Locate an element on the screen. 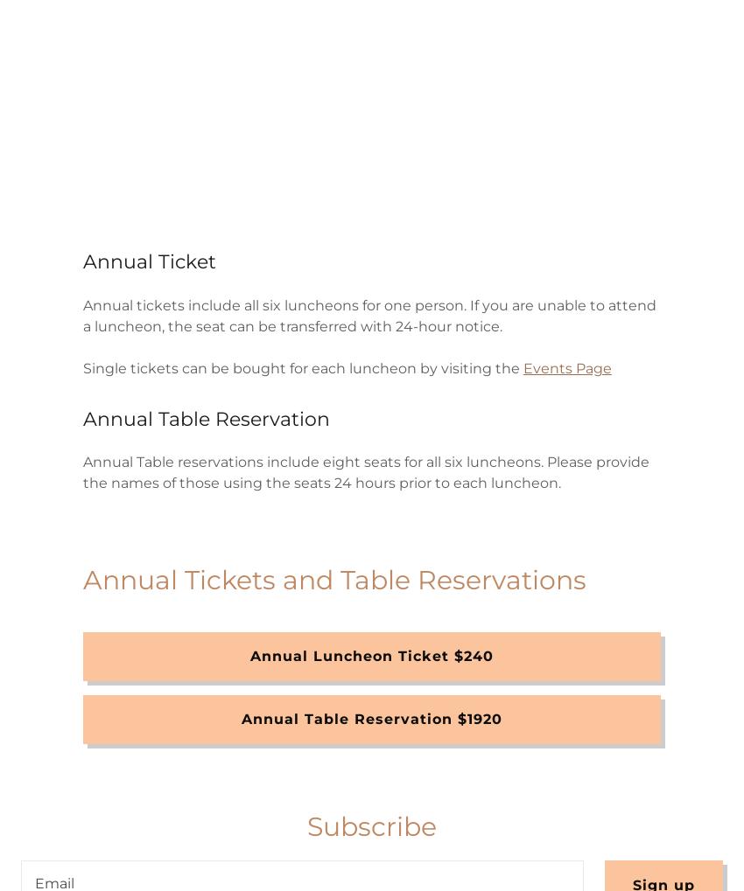  'Annual Luncheon Ticket $240' is located at coordinates (371, 655).